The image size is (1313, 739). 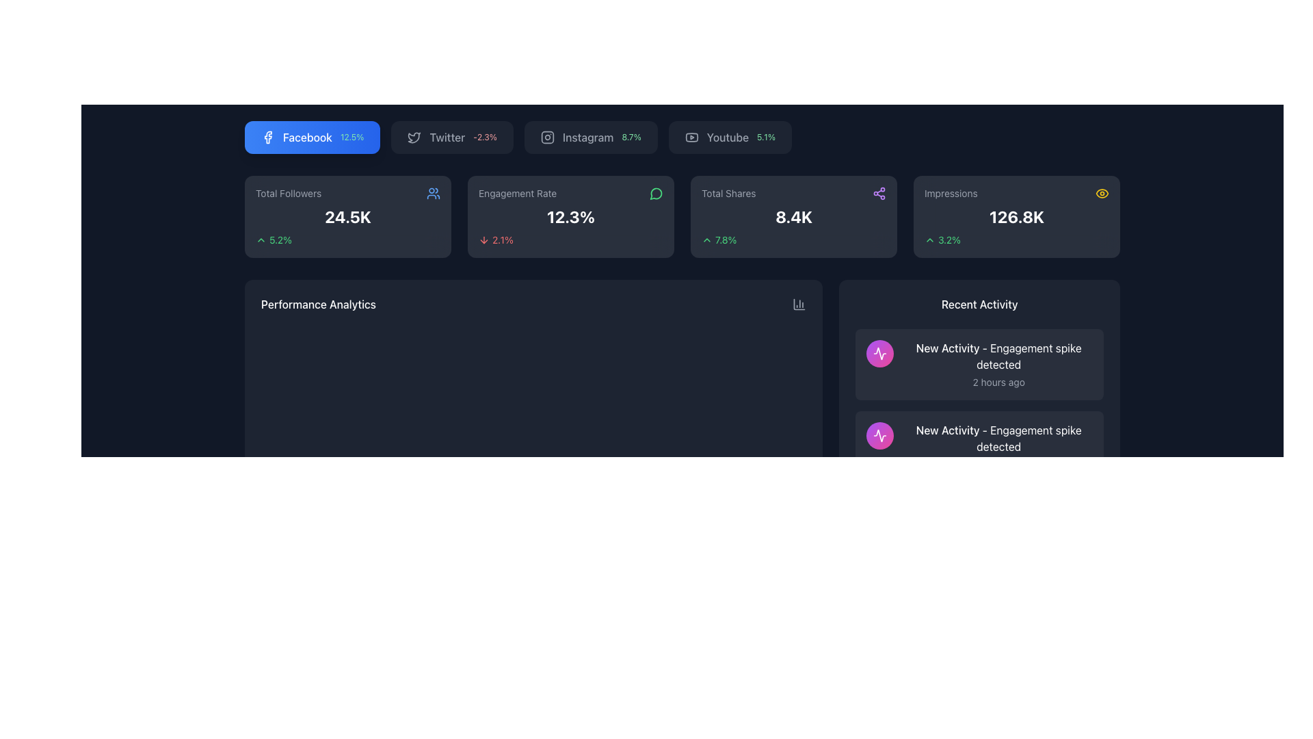 I want to click on the Text Label indicating 'Impressions' located in the rightmost data card above the numeric display '126.8K', so click(x=950, y=193).